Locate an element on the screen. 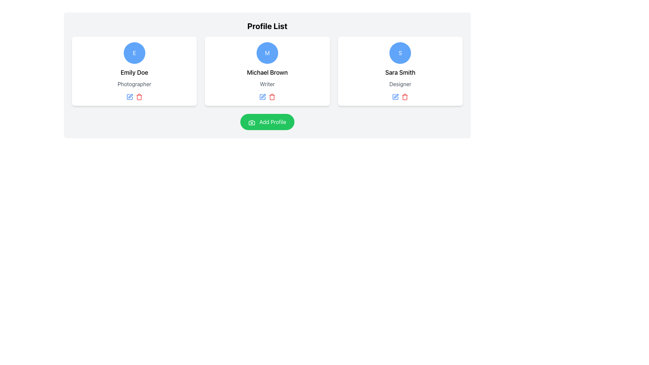  the edit icon in the action bar located at the bottom section of Emily Doe's profile card is located at coordinates (134, 97).